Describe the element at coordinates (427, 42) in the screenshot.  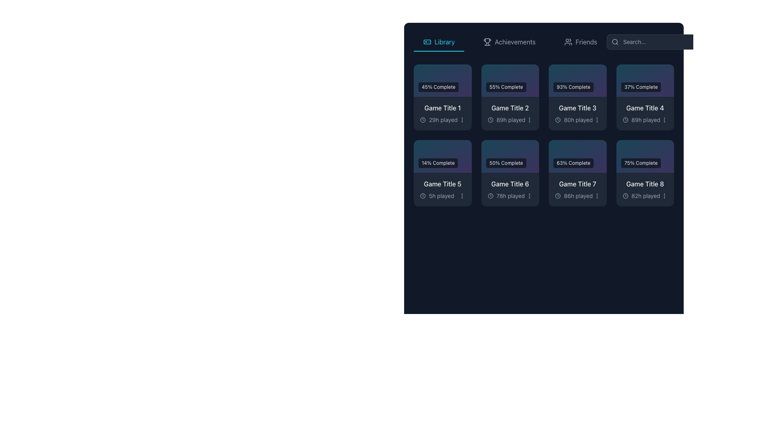
I see `the game controller icon that is positioned next to the 'Library' text in the navigation bar` at that location.